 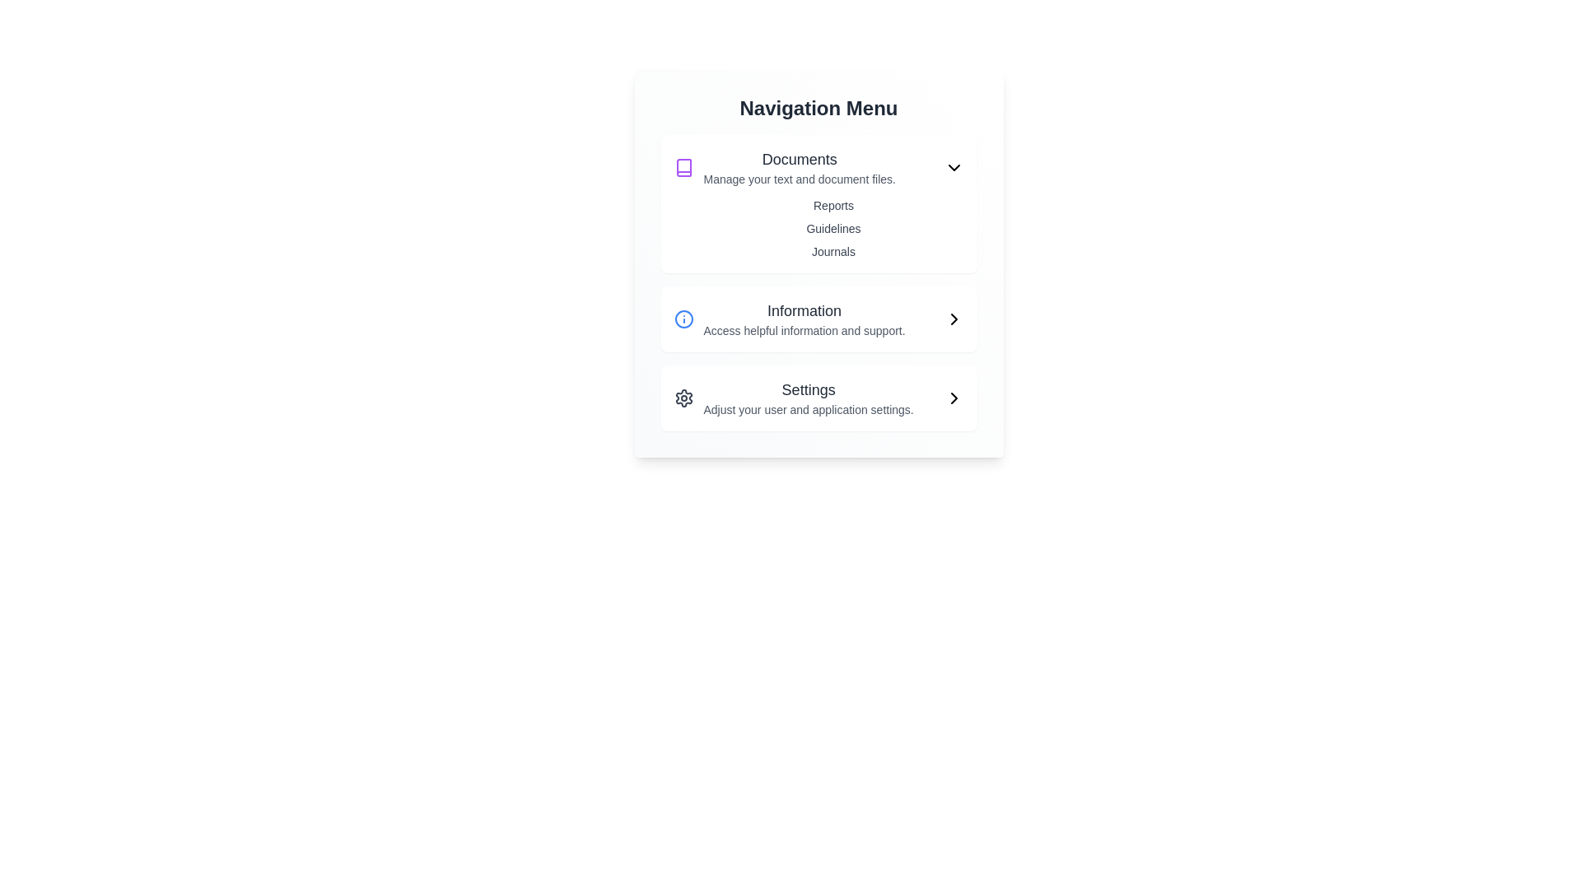 What do you see at coordinates (784, 168) in the screenshot?
I see `the first navigation menu item labeled 'Documents', which features a book icon and describes managing text and document files` at bounding box center [784, 168].